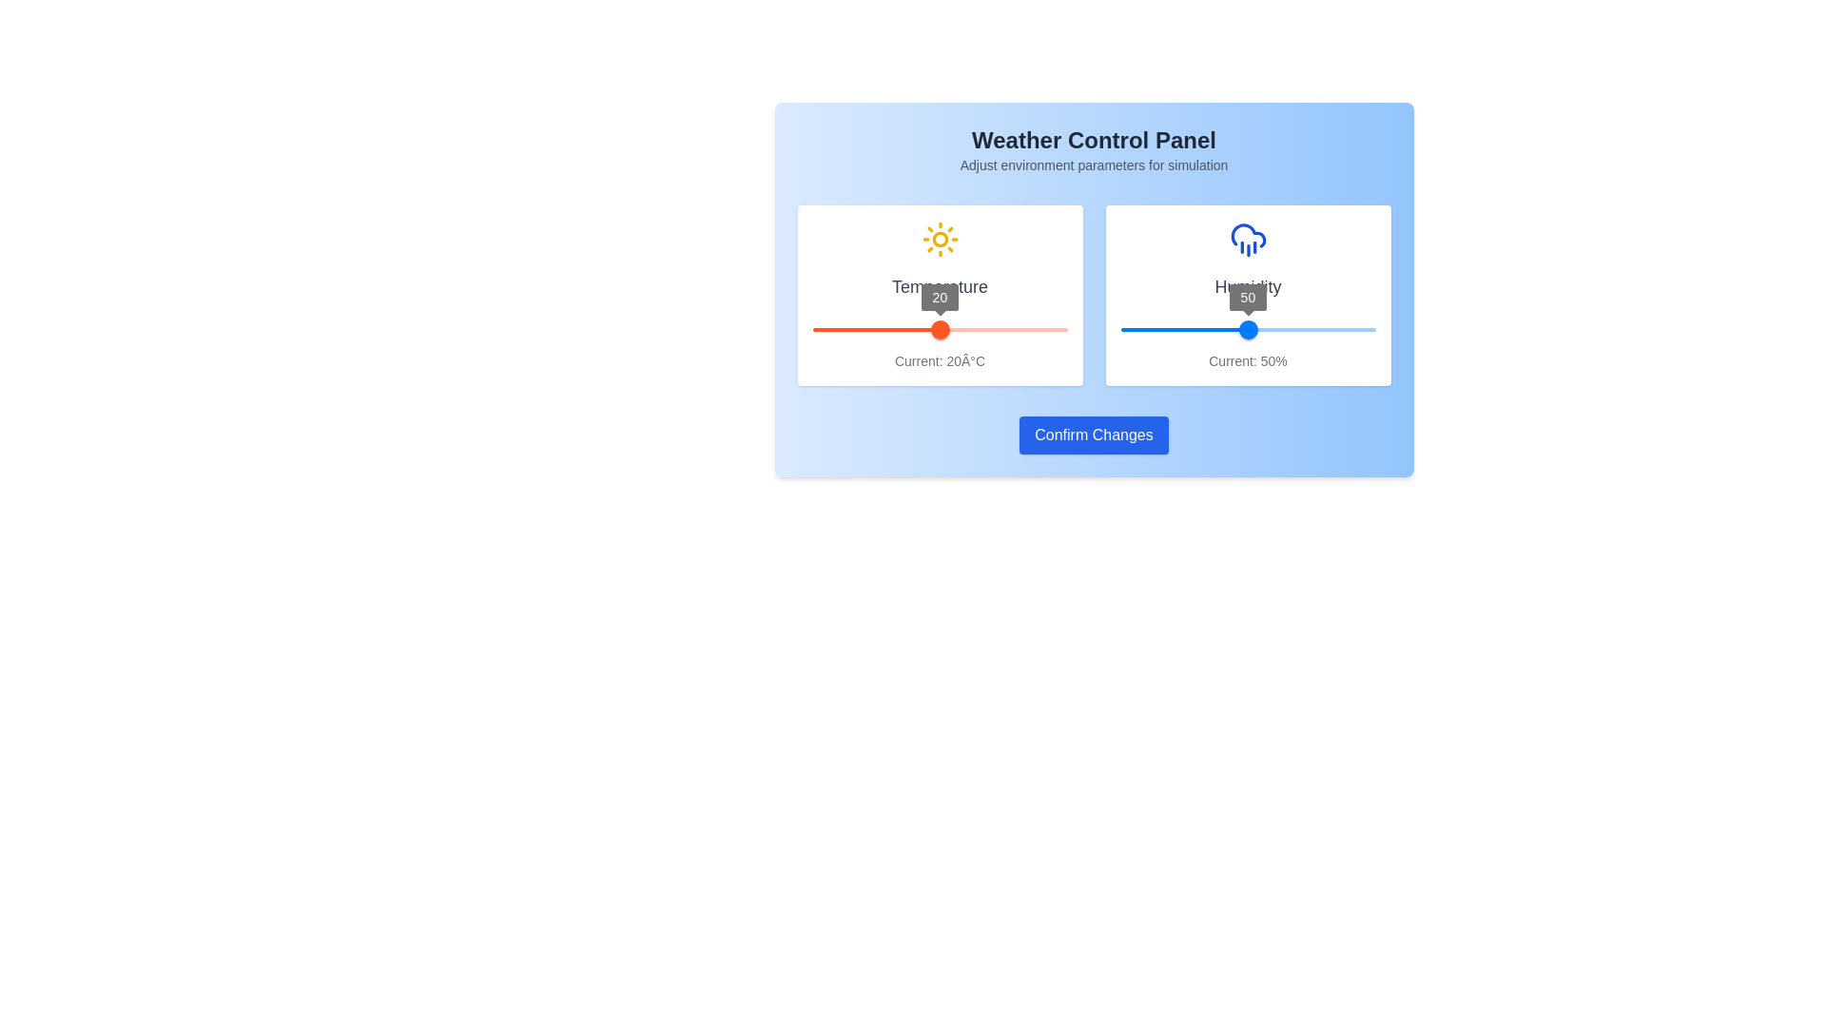 The image size is (1826, 1027). Describe the element at coordinates (1228, 329) in the screenshot. I see `the humidity percentage` at that location.